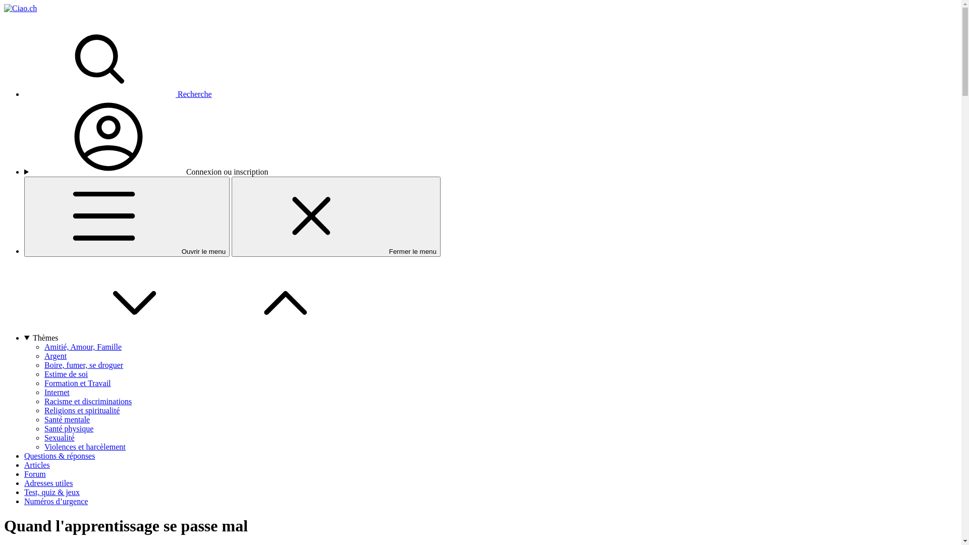 This screenshot has height=545, width=969. Describe the element at coordinates (84, 365) in the screenshot. I see `'Boire, fumer, se droguer'` at that location.